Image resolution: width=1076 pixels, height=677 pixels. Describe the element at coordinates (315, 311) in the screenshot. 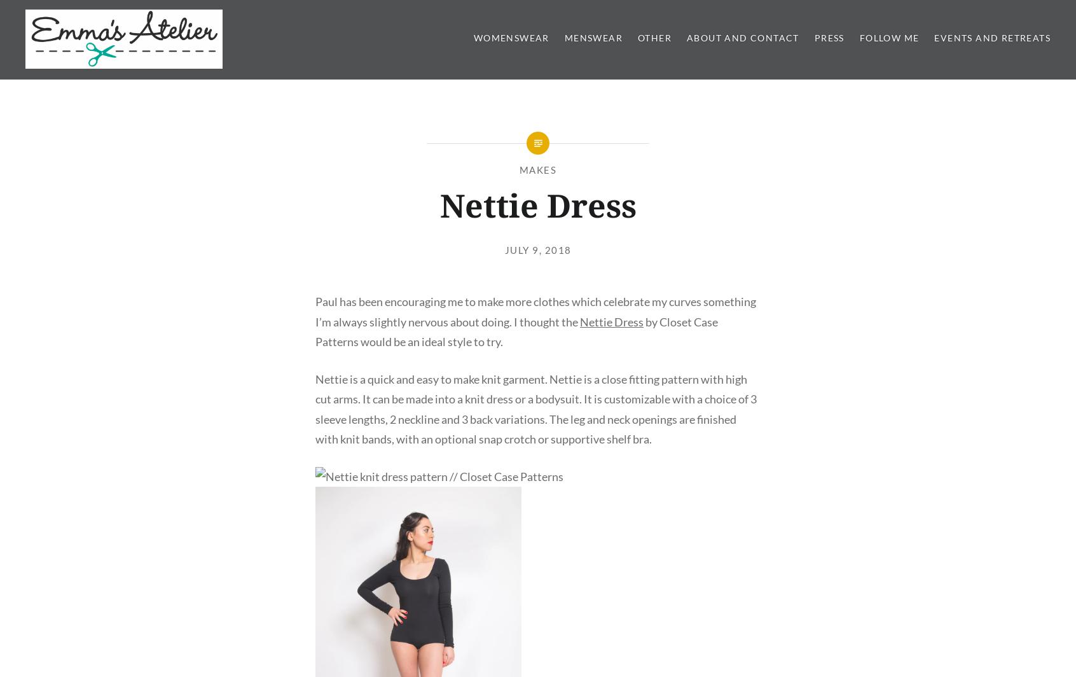

I see `'Paul has been encouraging me to make more clothes which celebrate my curves something I’m always slightly nervous about doing. I thought the'` at that location.